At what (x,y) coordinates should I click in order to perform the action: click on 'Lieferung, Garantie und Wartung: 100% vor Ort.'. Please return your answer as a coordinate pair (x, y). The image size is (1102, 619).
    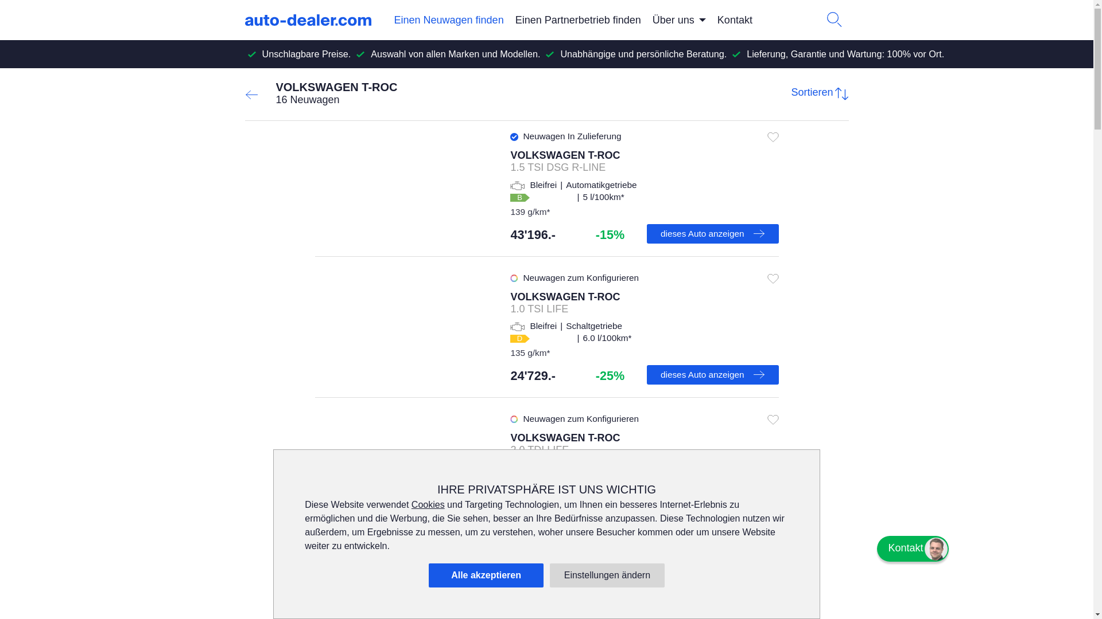
    Looking at the image, I should click on (845, 53).